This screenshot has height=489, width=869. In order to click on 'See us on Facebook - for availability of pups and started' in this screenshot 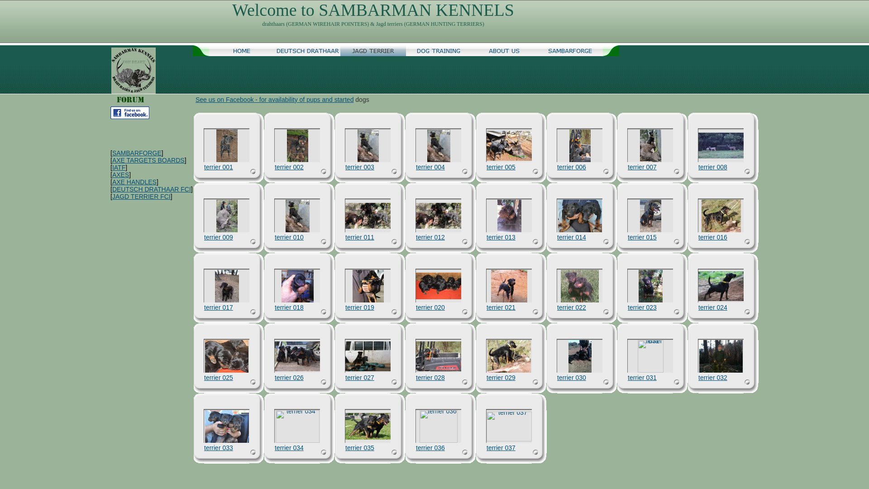, I will do `click(274, 99)`.